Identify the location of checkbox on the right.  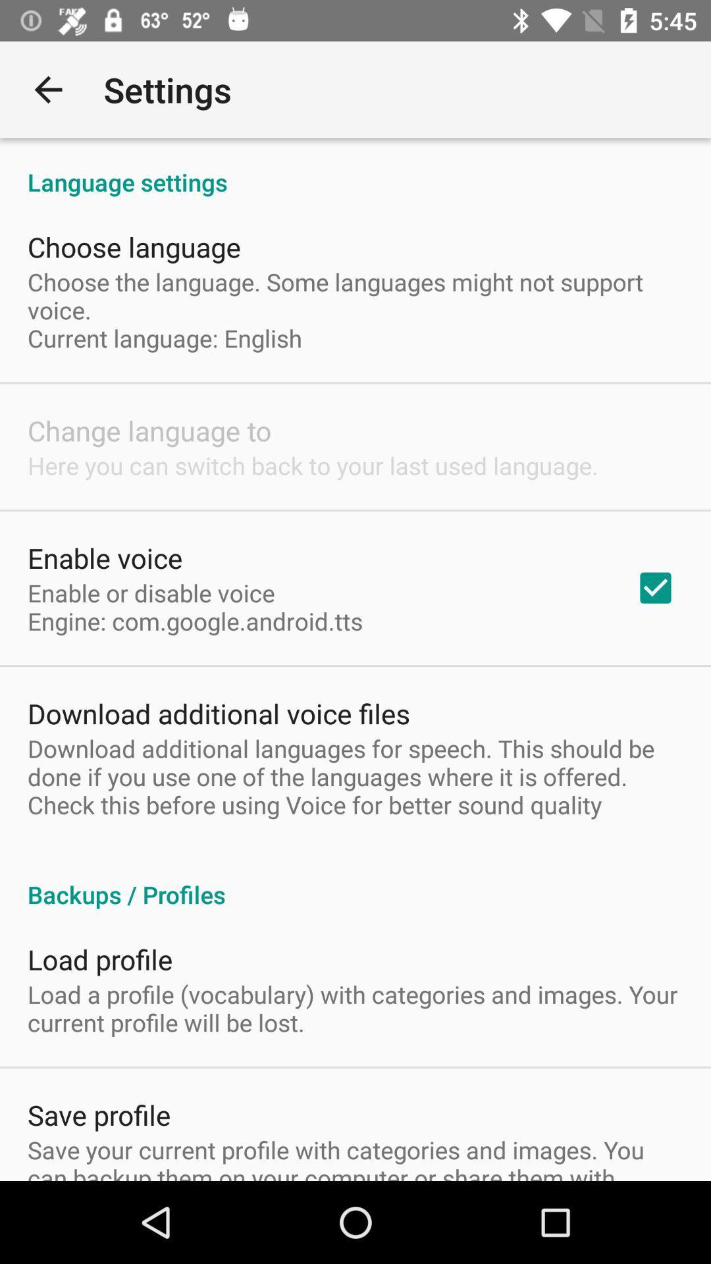
(655, 587).